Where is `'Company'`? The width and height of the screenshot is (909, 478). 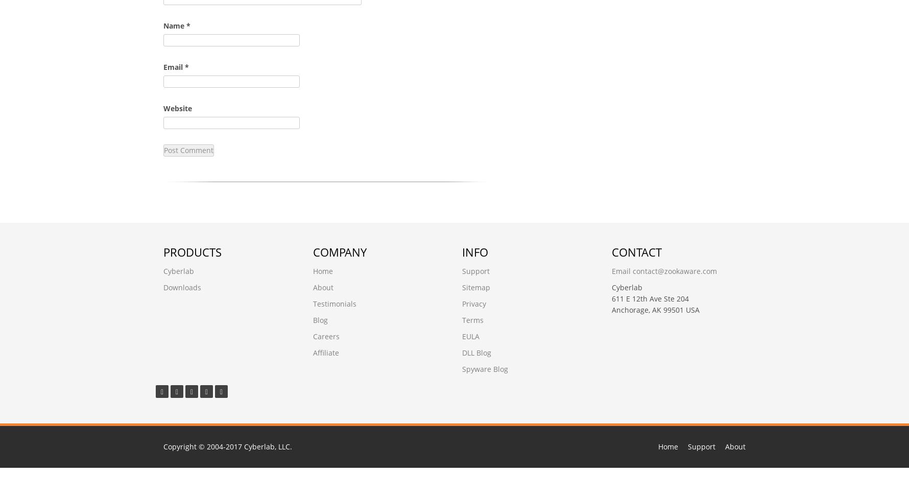
'Company' is located at coordinates (339, 251).